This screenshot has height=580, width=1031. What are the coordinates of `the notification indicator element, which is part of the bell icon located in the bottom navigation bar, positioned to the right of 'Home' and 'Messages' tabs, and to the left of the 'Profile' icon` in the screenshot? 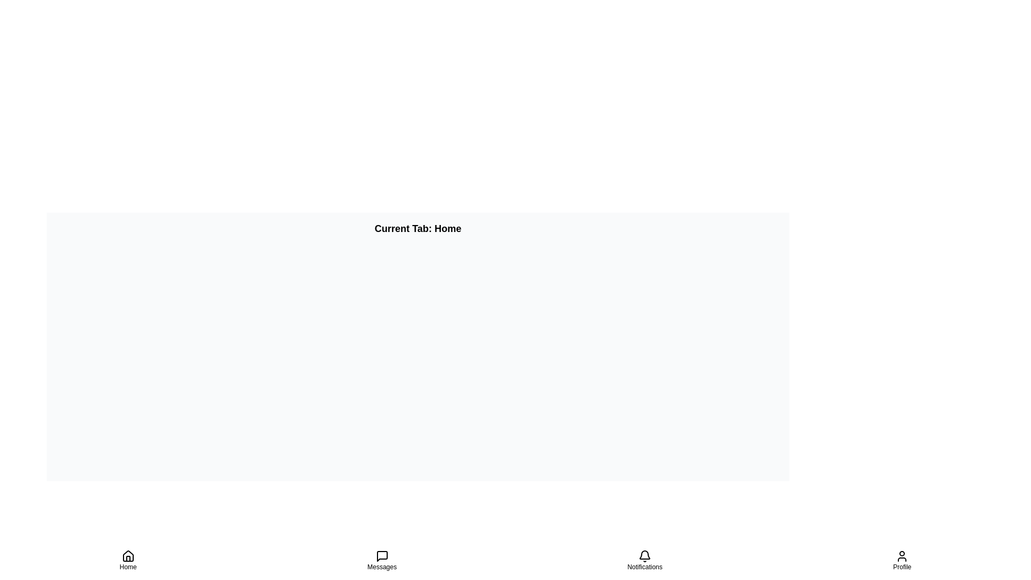 It's located at (644, 555).